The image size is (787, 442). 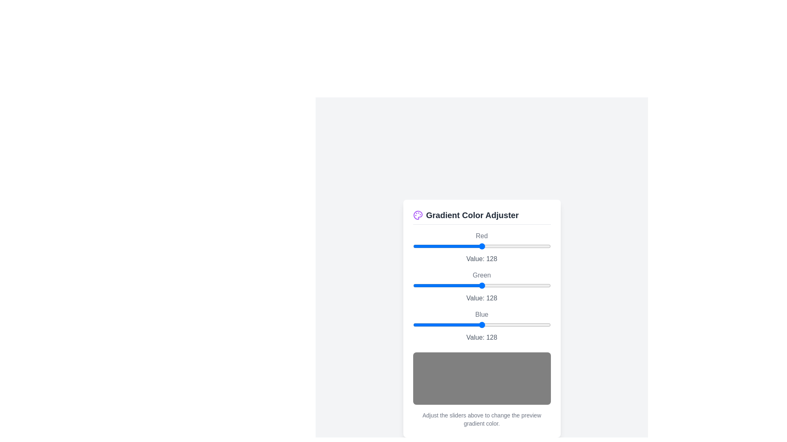 What do you see at coordinates (479, 324) in the screenshot?
I see `the blue slider to set its value to 123` at bounding box center [479, 324].